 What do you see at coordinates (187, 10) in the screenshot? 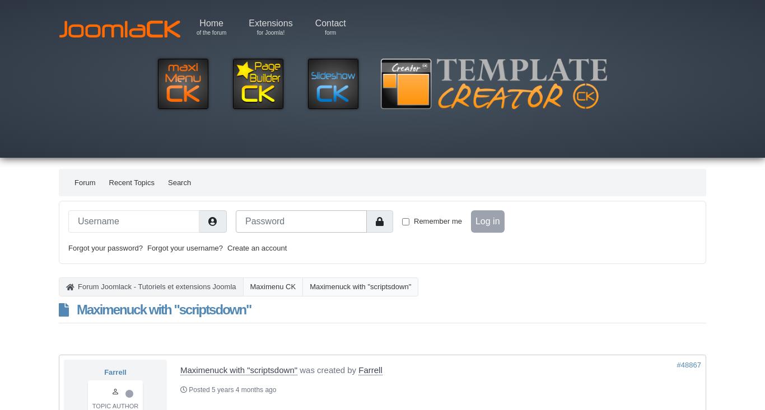
I see `'CEd'` at bounding box center [187, 10].